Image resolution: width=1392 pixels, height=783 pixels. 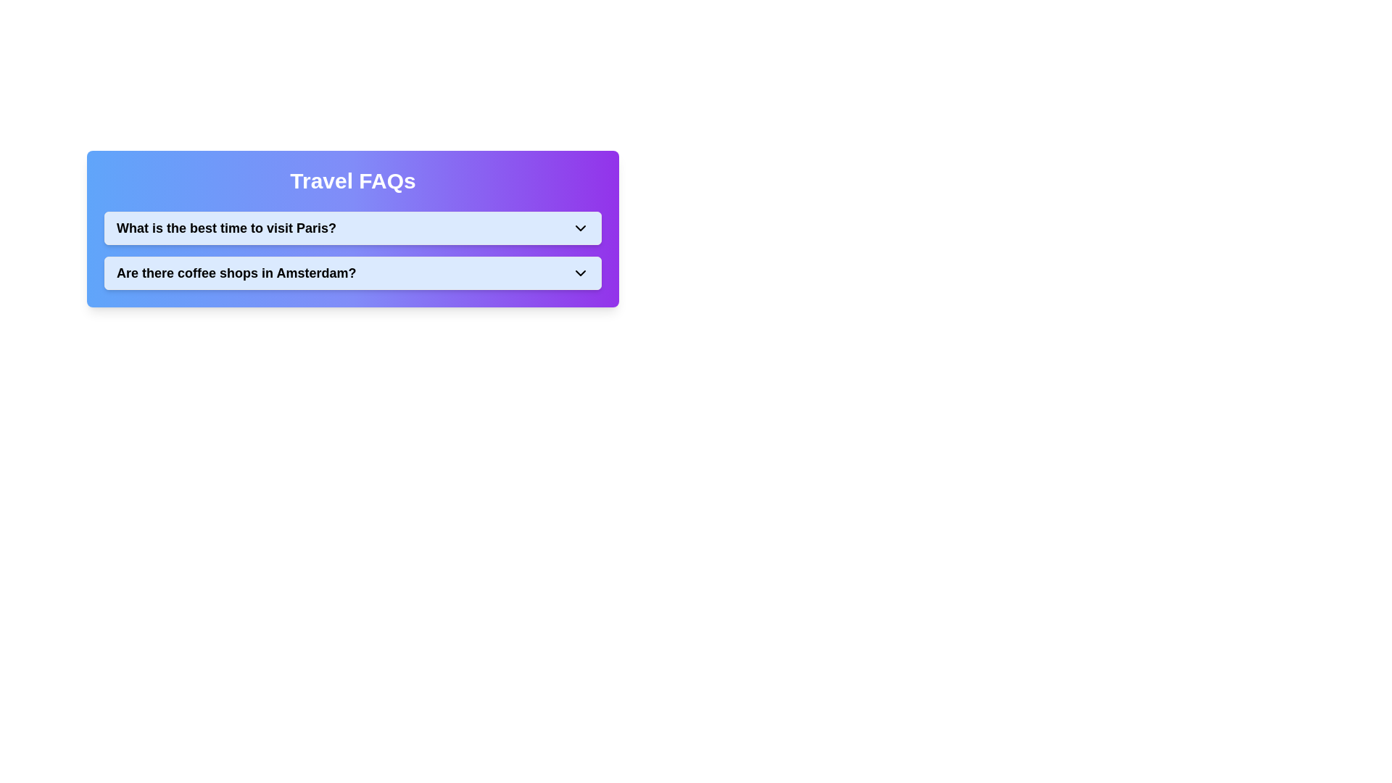 What do you see at coordinates (352, 228) in the screenshot?
I see `the FAQ dropdown item titled 'What is the best time to visit Paris?'` at bounding box center [352, 228].